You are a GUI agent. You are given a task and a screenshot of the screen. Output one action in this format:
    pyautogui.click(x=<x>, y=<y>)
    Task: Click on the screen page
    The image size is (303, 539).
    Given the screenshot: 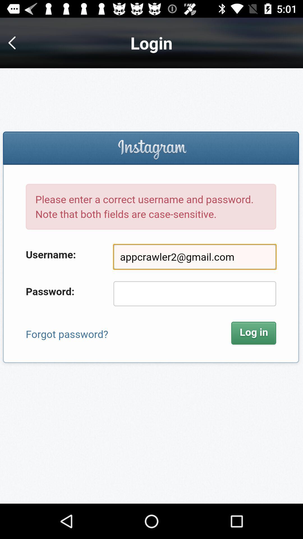 What is the action you would take?
    pyautogui.click(x=151, y=286)
    